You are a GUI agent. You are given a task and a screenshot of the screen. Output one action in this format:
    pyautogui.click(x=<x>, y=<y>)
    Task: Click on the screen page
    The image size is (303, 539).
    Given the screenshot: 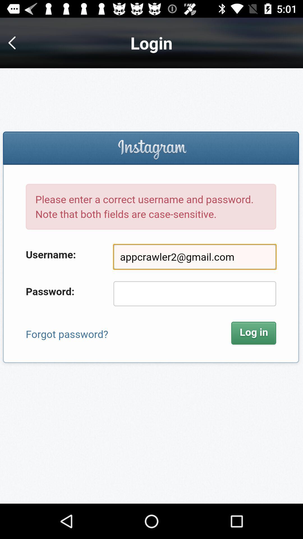 What is the action you would take?
    pyautogui.click(x=151, y=286)
    